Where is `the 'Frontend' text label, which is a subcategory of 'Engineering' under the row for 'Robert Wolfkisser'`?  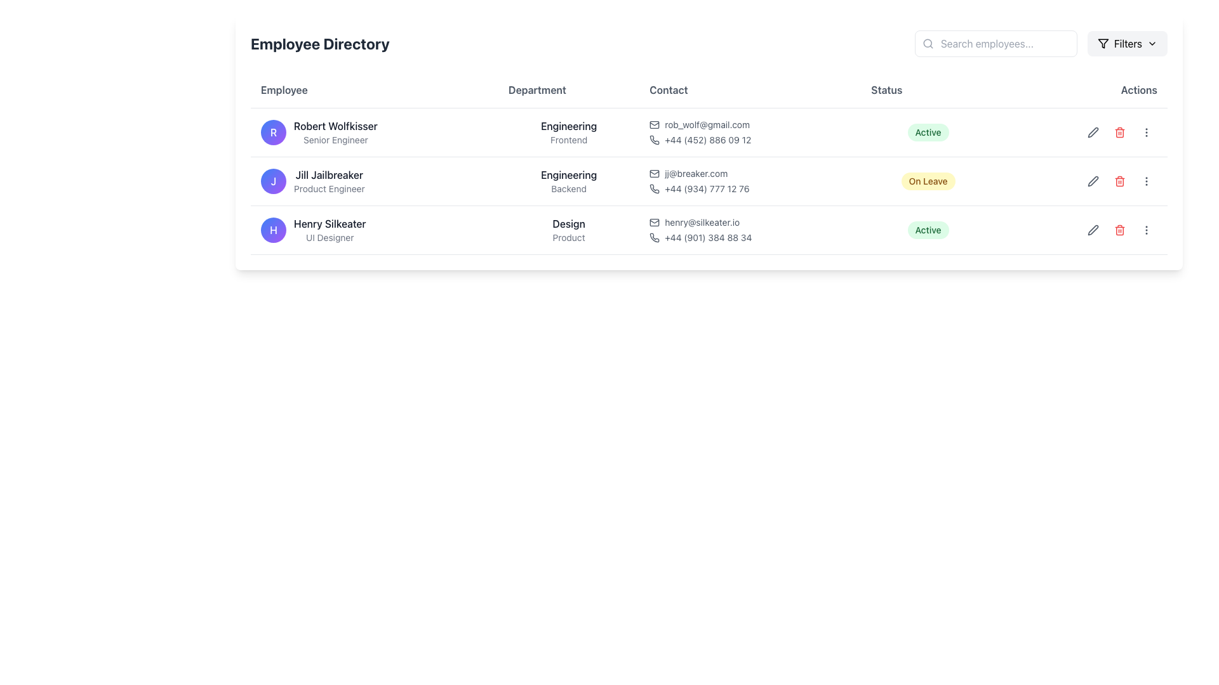 the 'Frontend' text label, which is a subcategory of 'Engineering' under the row for 'Robert Wolfkisser' is located at coordinates (568, 140).